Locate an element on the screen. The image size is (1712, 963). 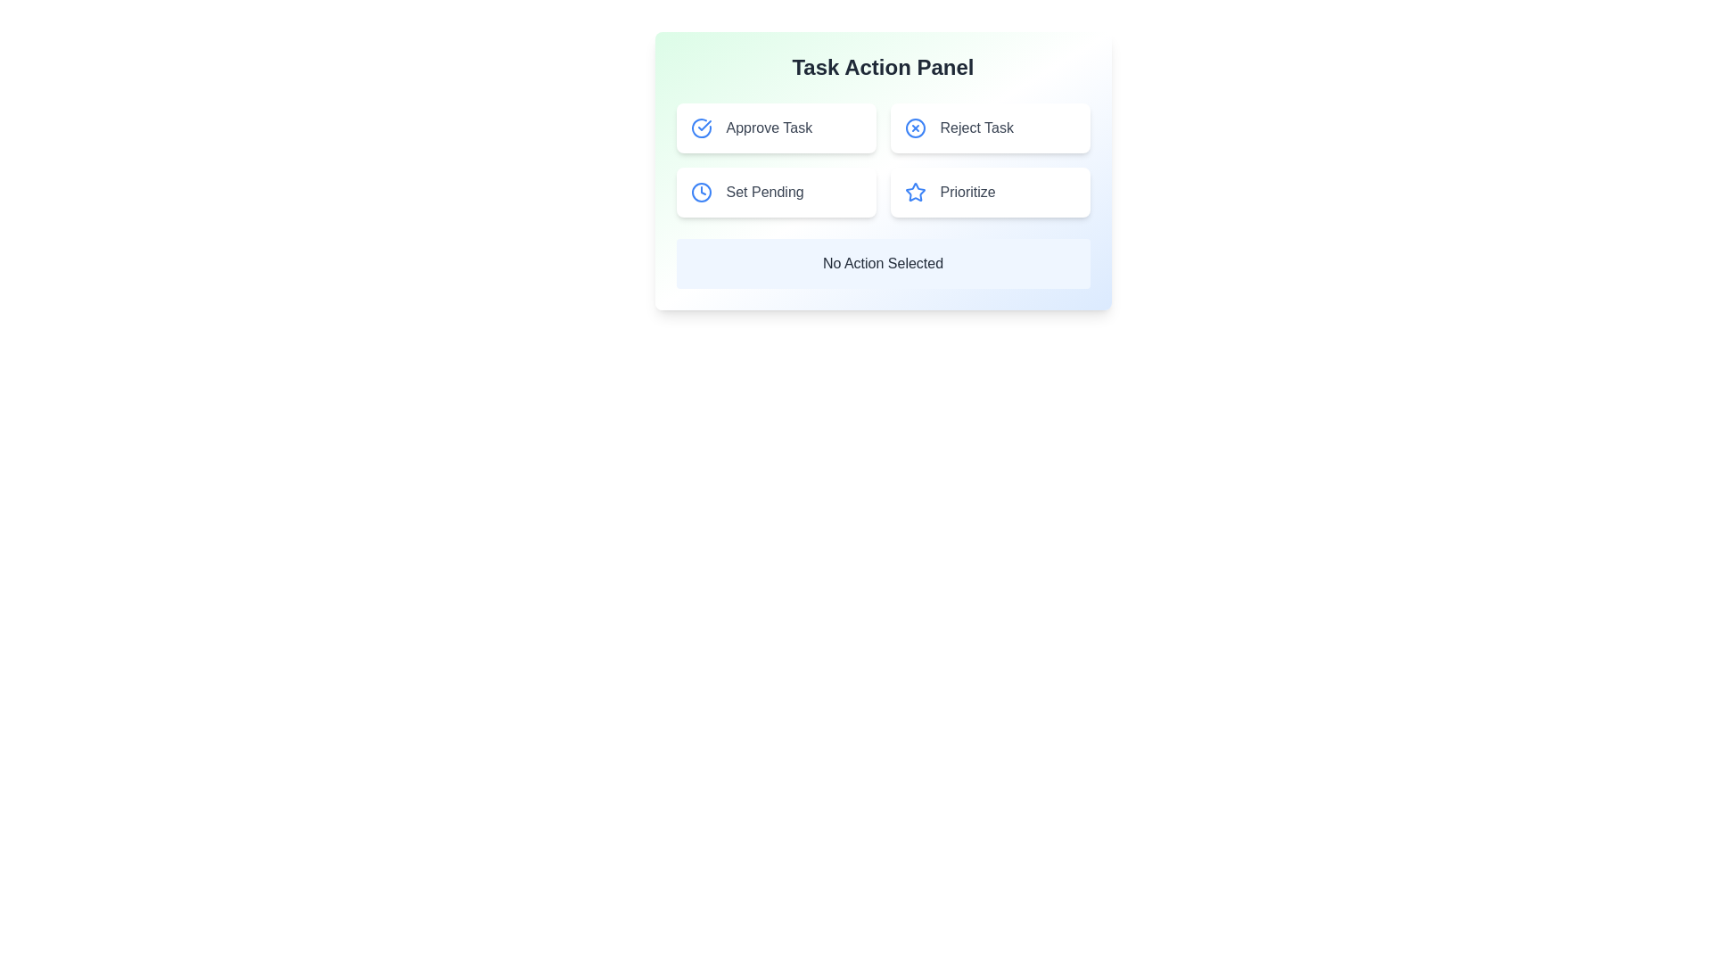
the 'Pending' button located in the bottom-left quadrant of the 'Task Action Panel' is located at coordinates (776, 193).